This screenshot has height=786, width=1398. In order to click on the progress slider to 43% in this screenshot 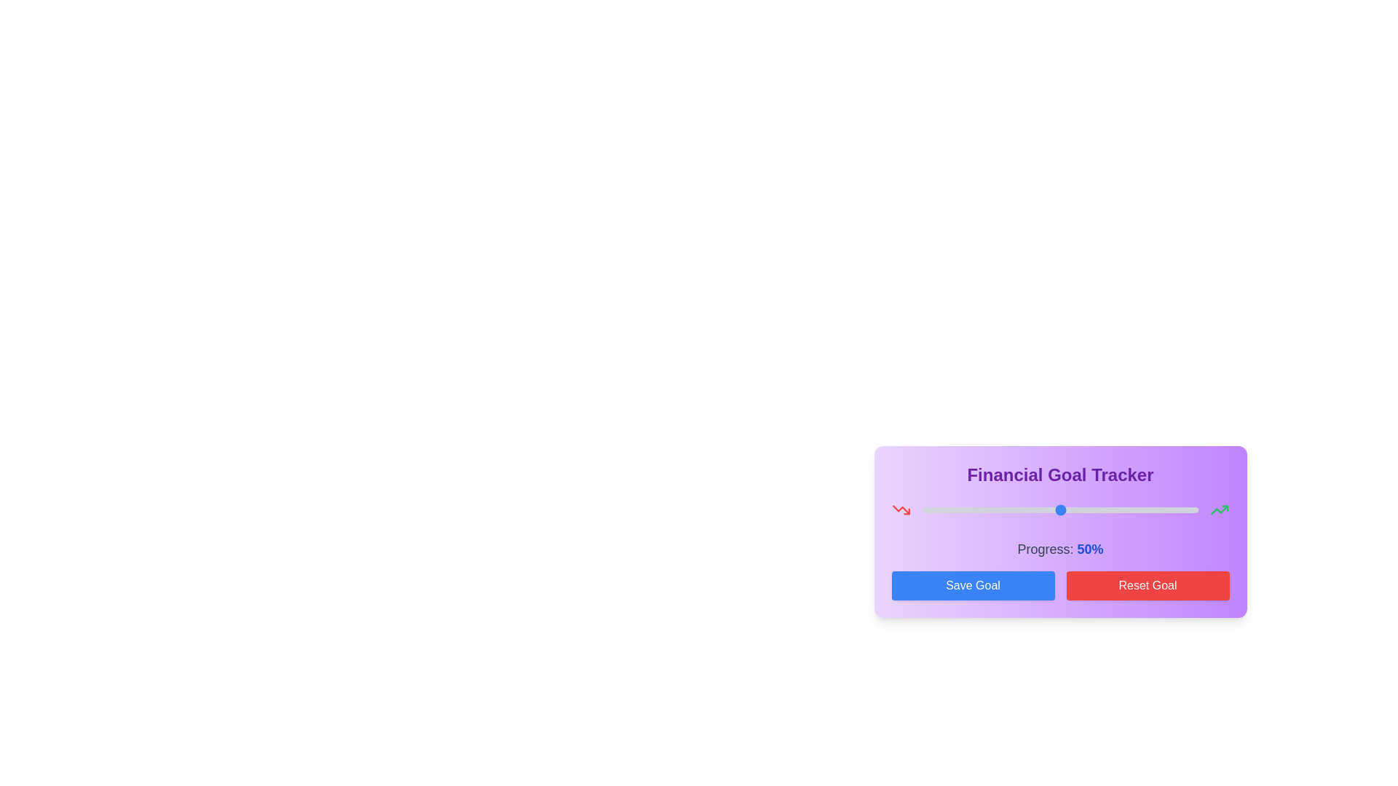, I will do `click(1040, 509)`.